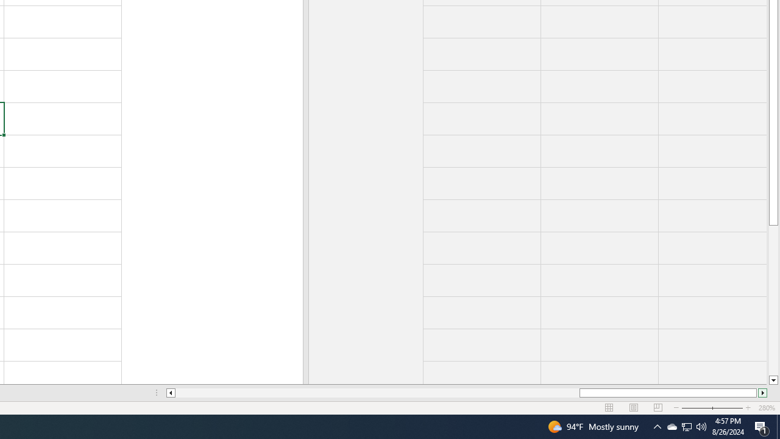  What do you see at coordinates (169, 393) in the screenshot?
I see `'Column left'` at bounding box center [169, 393].